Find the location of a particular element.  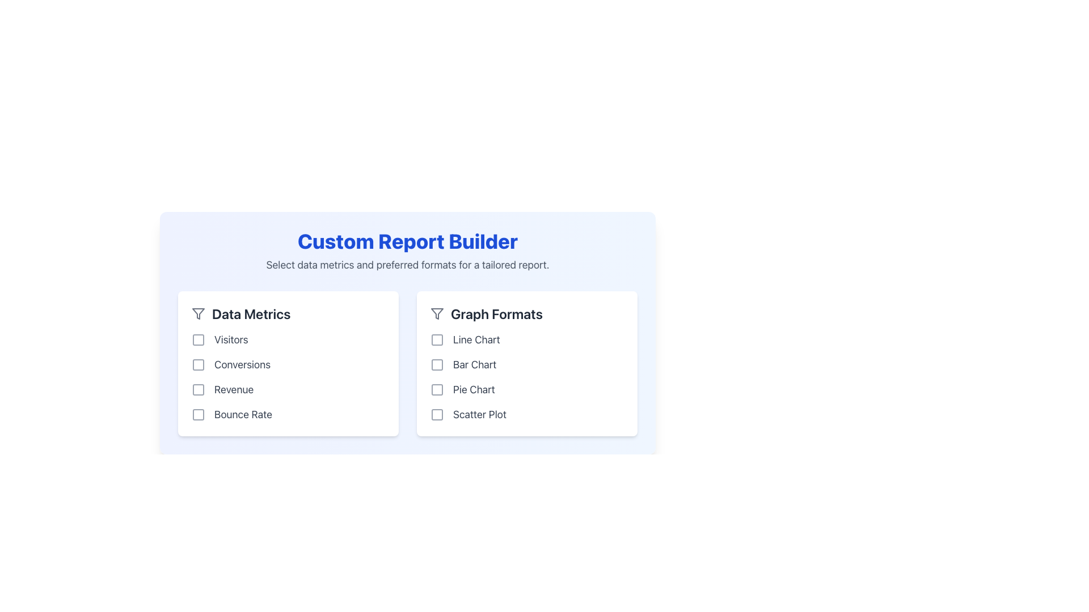

the small funnel icon with a gray outline located as the leftmost component within the 'Graph Formats' section header is located at coordinates (437, 314).